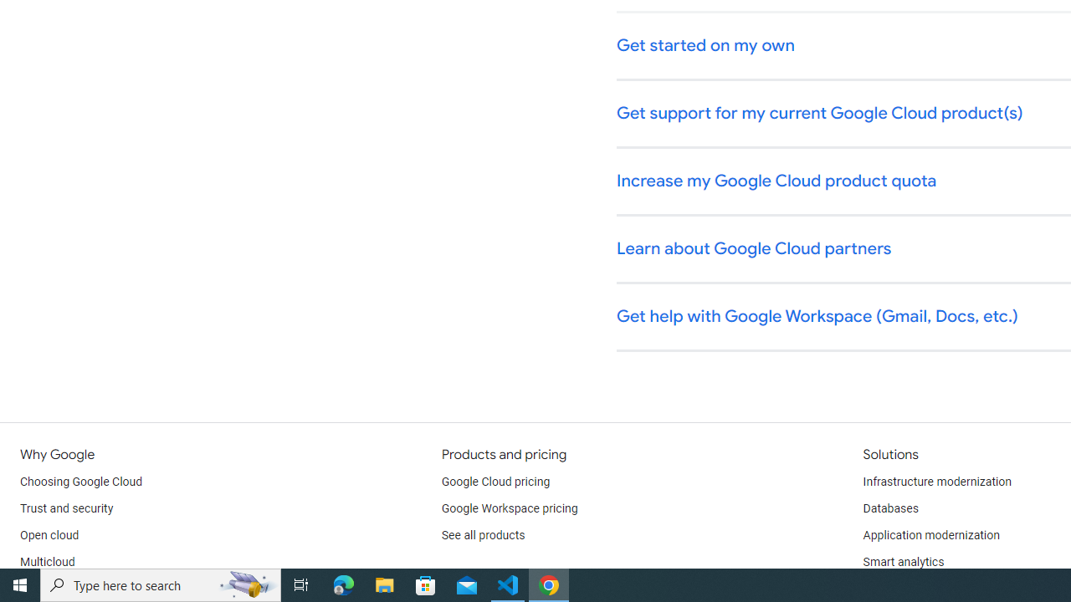 This screenshot has height=602, width=1071. Describe the element at coordinates (80, 482) in the screenshot. I see `'Choosing Google Cloud'` at that location.